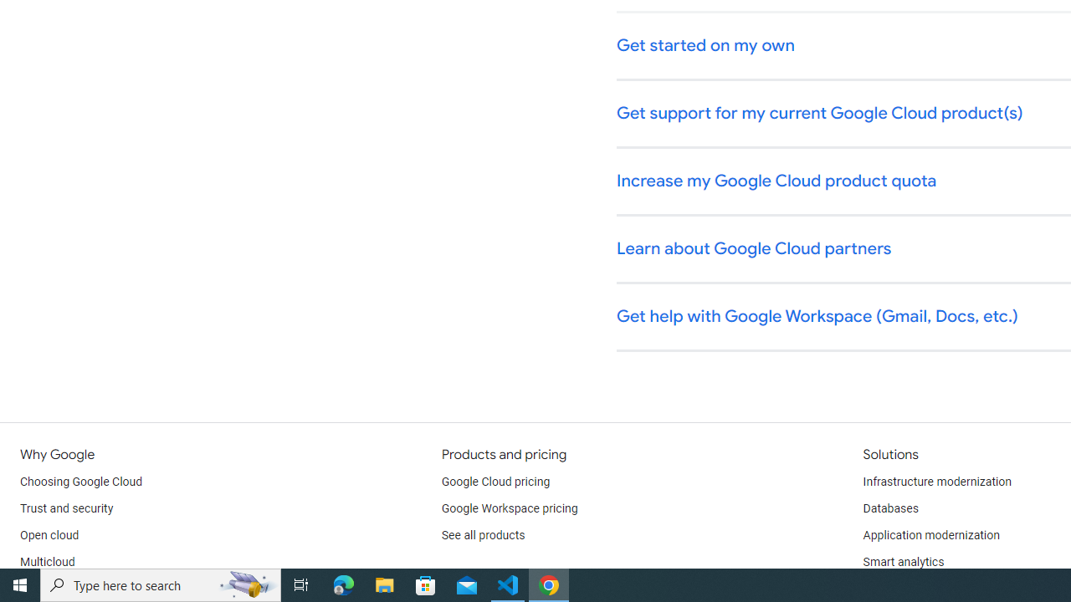 This screenshot has height=602, width=1071. Describe the element at coordinates (80, 482) in the screenshot. I see `'Choosing Google Cloud'` at that location.